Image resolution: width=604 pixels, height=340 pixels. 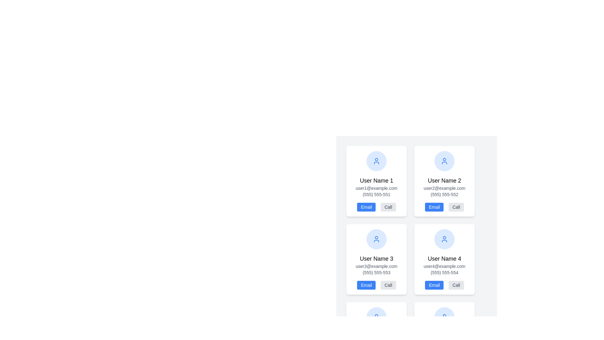 What do you see at coordinates (376, 194) in the screenshot?
I see `the Text Display element that shows the phone number in the user profile card, which is located below the username and email address and above the action buttons` at bounding box center [376, 194].